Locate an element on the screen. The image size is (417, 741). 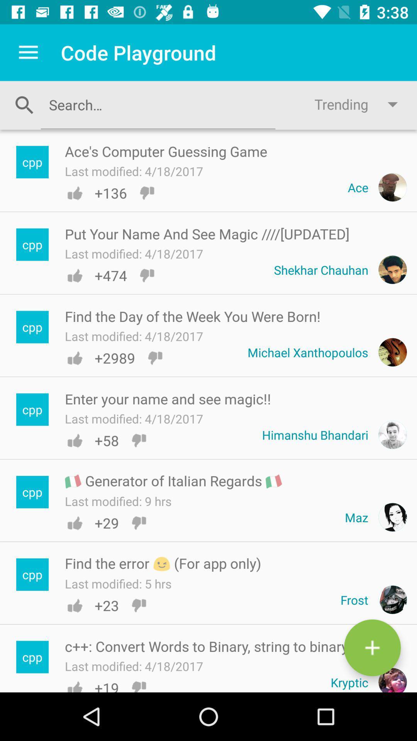
the add icon is located at coordinates (372, 648).